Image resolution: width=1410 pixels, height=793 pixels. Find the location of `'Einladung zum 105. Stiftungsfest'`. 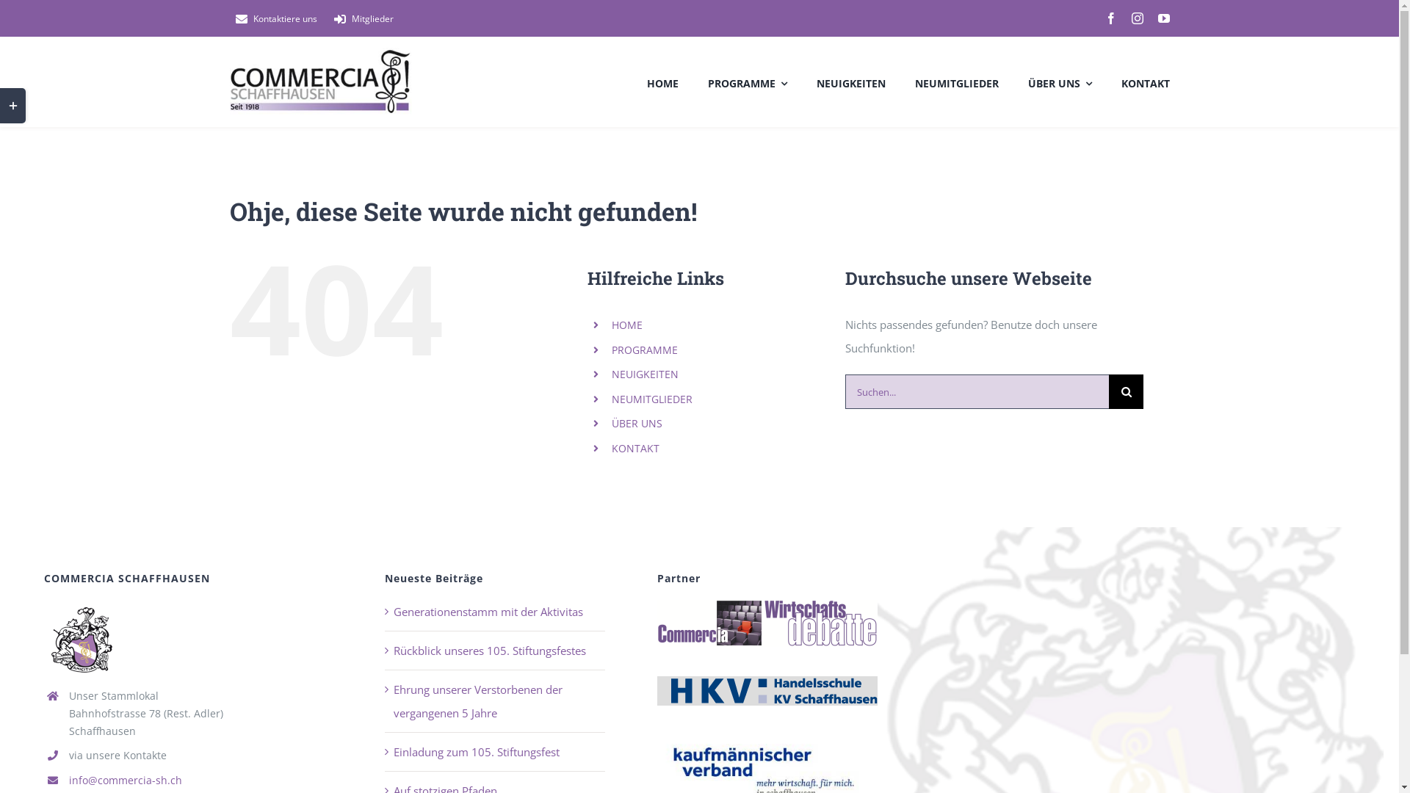

'Einladung zum 105. Stiftungsfest' is located at coordinates (476, 751).